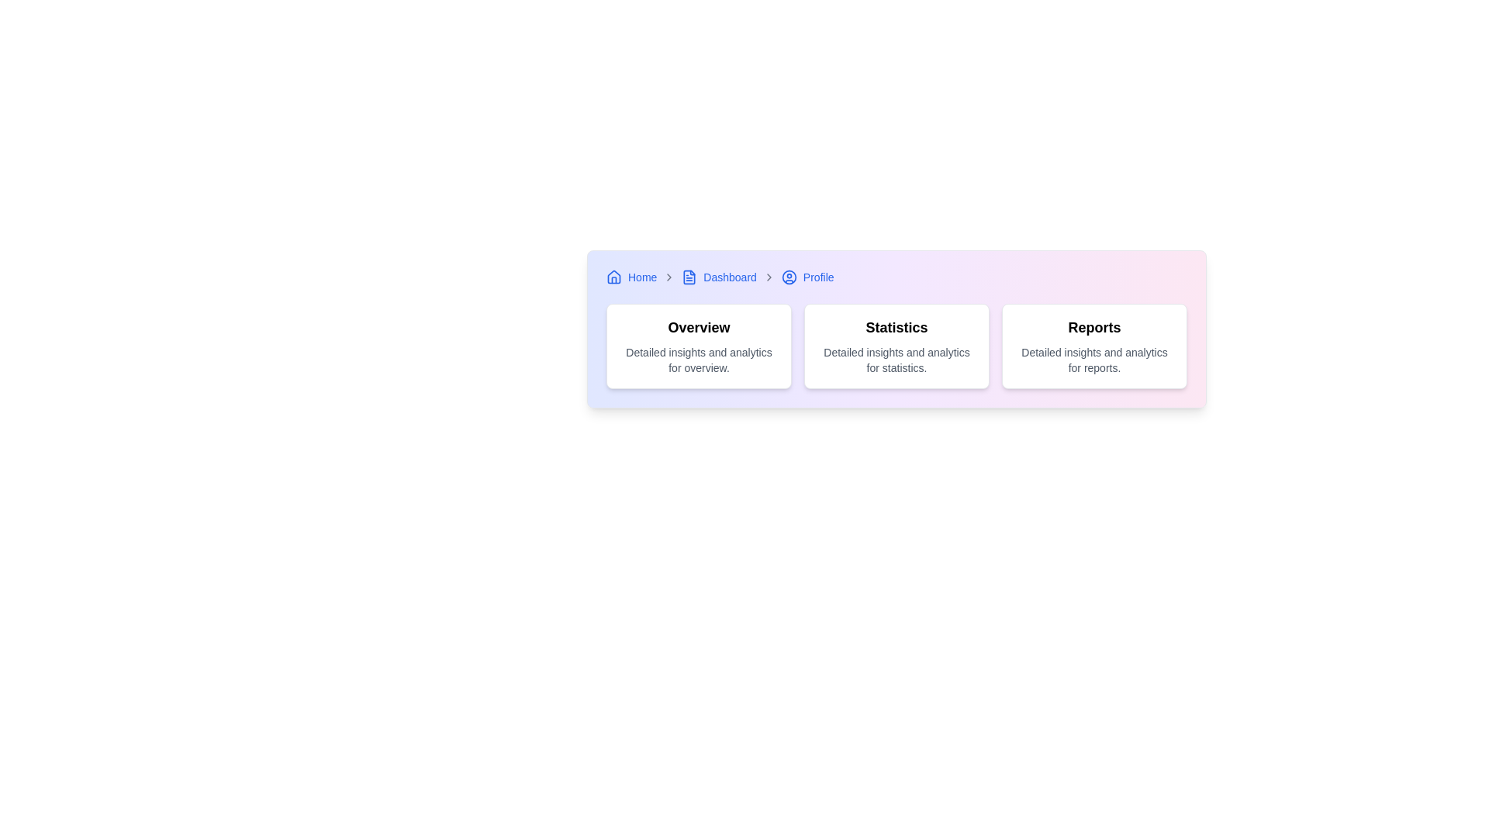 The width and height of the screenshot is (1489, 837). Describe the element at coordinates (641, 277) in the screenshot. I see `the 'Home' breadcrumb item` at that location.